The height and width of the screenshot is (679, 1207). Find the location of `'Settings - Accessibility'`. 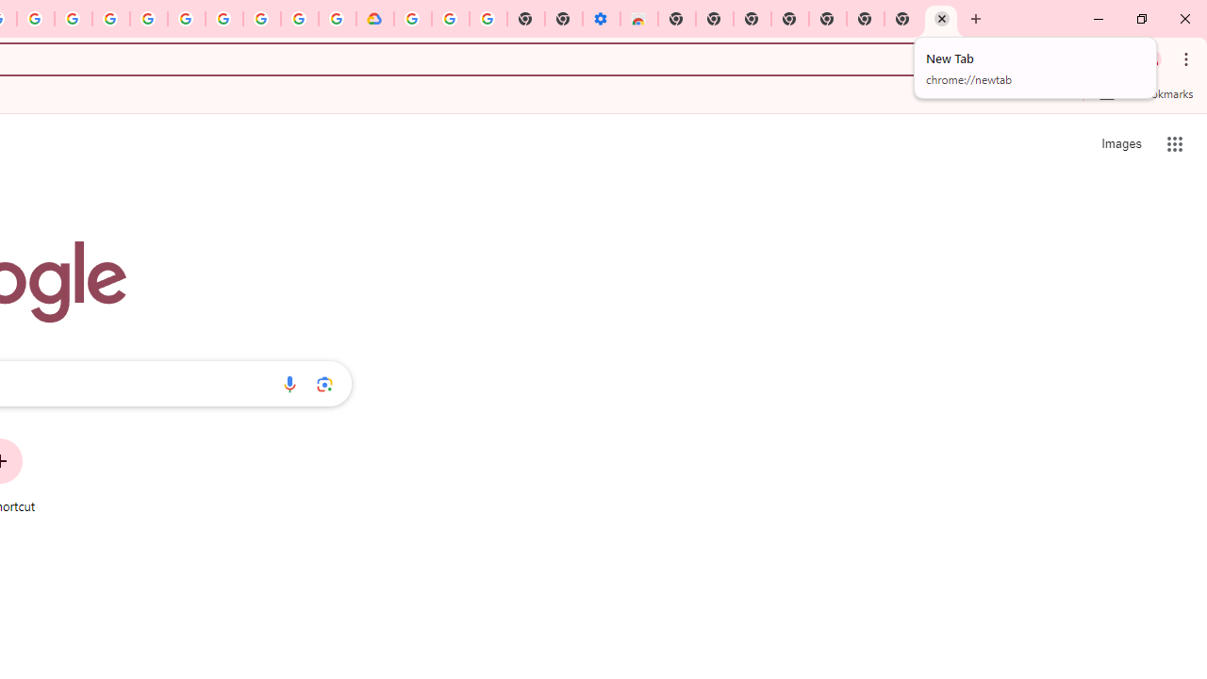

'Settings - Accessibility' is located at coordinates (601, 19).